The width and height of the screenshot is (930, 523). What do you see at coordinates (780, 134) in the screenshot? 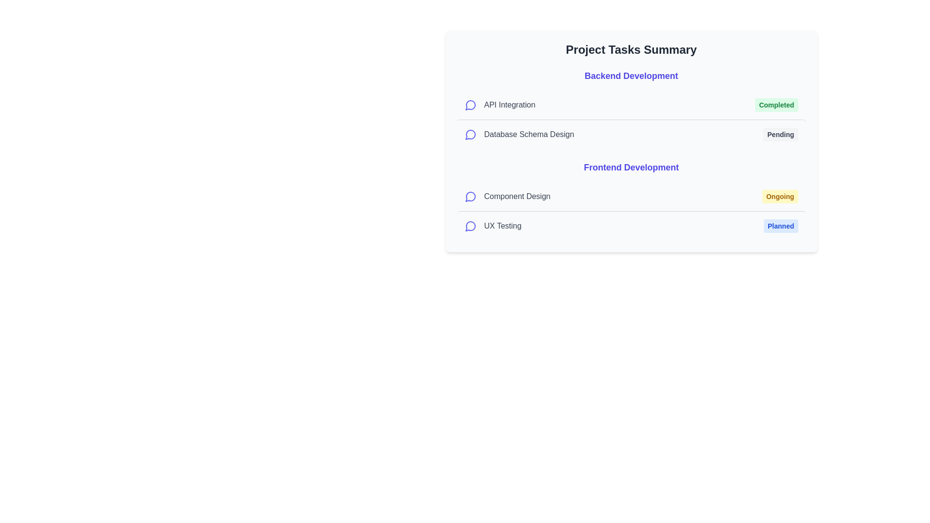
I see `the status indicator labeled 'Pending' within the list item for 'Database Schema Design'` at bounding box center [780, 134].